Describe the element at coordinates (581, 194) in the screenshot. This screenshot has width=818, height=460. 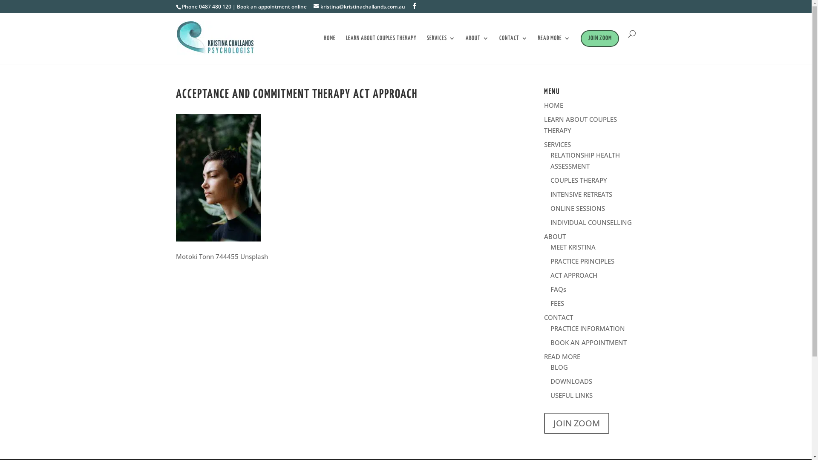
I see `'INTENSIVE RETREATS'` at that location.